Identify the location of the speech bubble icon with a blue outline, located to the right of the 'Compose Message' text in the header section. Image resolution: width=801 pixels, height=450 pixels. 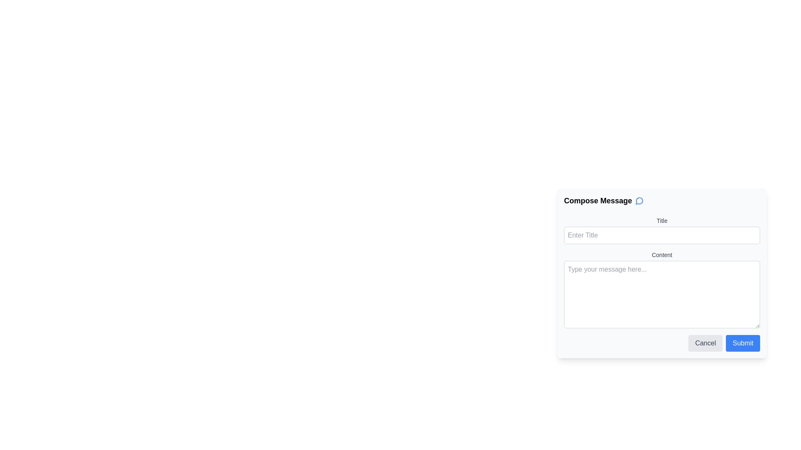
(639, 201).